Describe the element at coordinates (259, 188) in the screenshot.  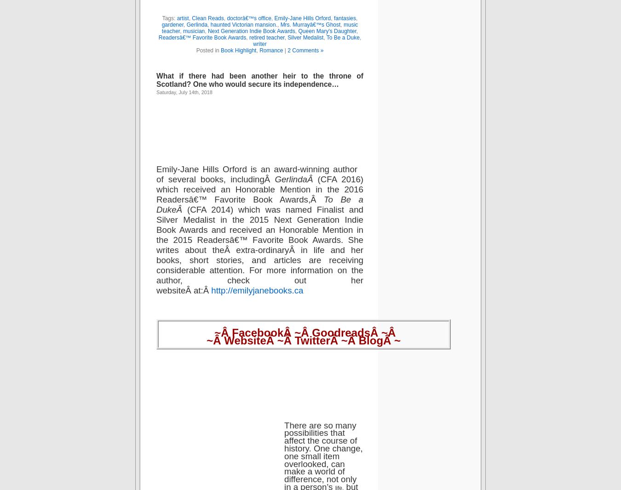
I see `'(CFA 2016) which received an Honorable Mention in the 2016 Readersâ€™ Favorite Book Awards,Â'` at that location.